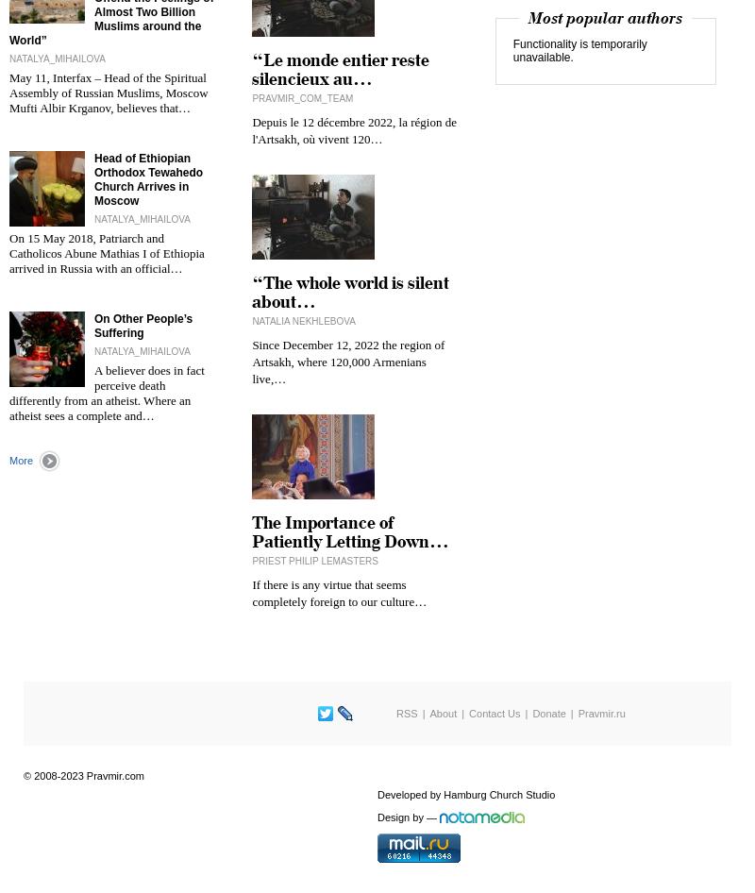 This screenshot has width=755, height=893. I want to click on 'If there is any virtue that seems completely foreign to our culture…', so click(339, 592).